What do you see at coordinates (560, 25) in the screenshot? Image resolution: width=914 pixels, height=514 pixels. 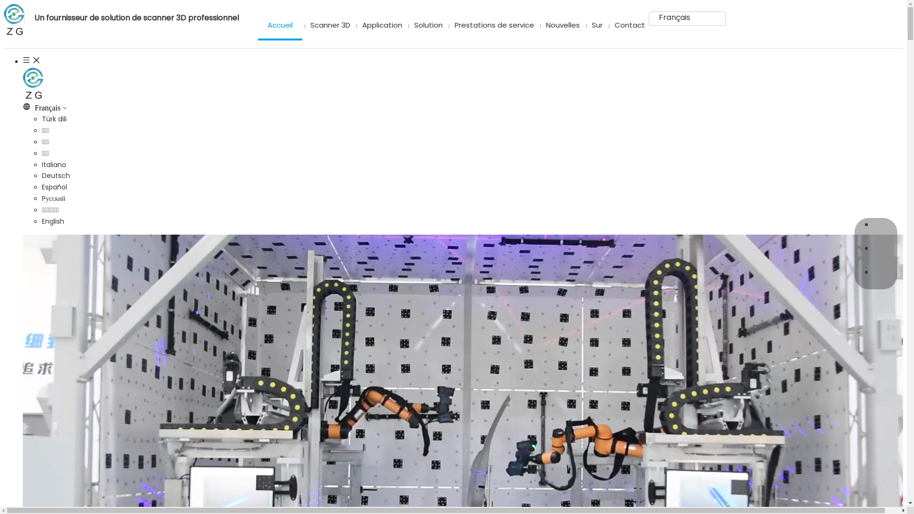 I see `'Nouvelles'` at bounding box center [560, 25].